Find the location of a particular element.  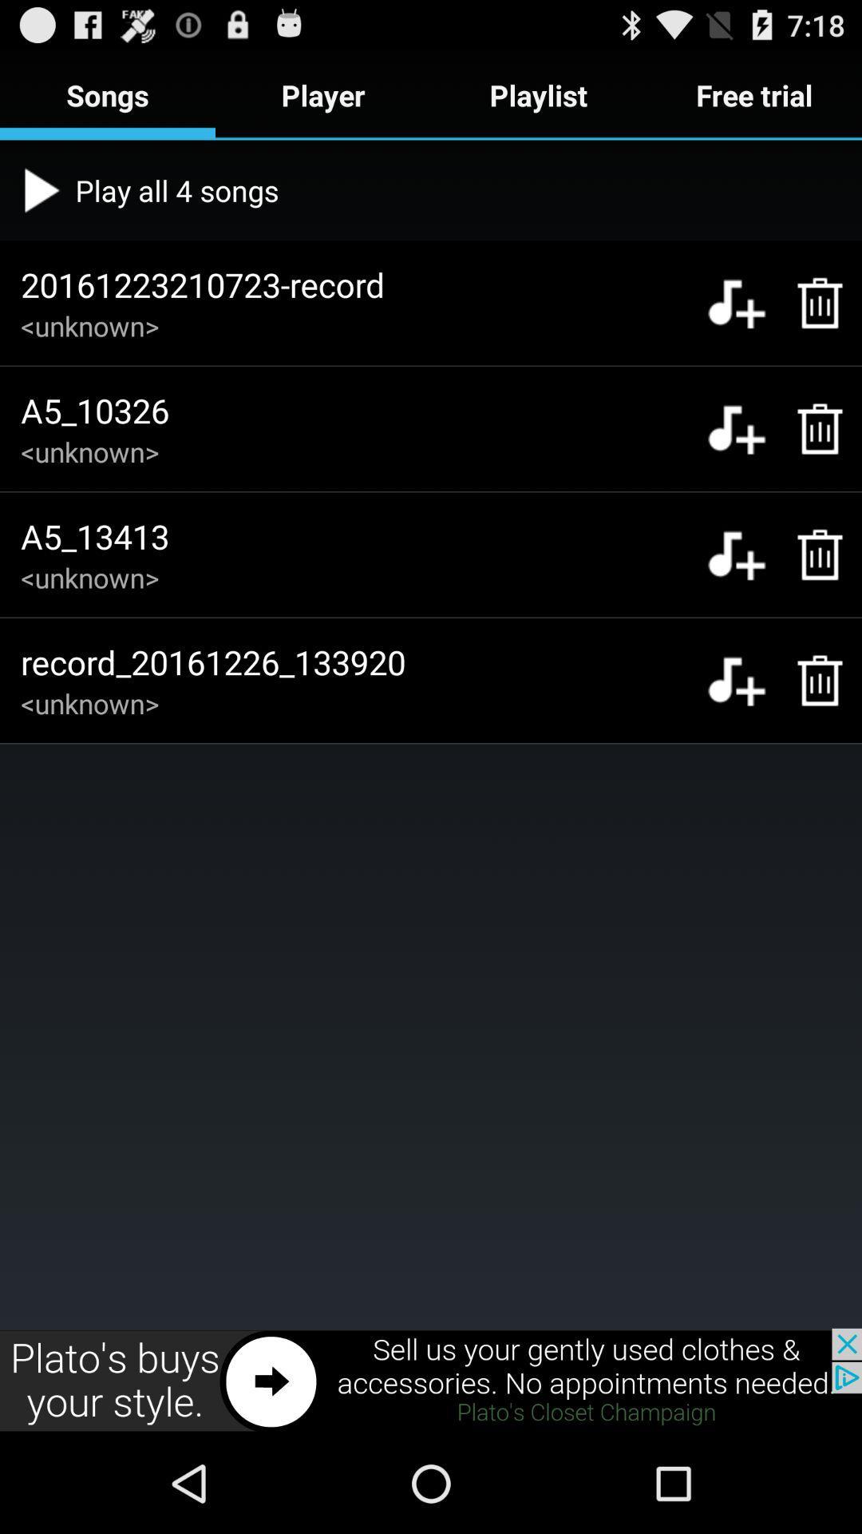

a song is located at coordinates (736, 680).